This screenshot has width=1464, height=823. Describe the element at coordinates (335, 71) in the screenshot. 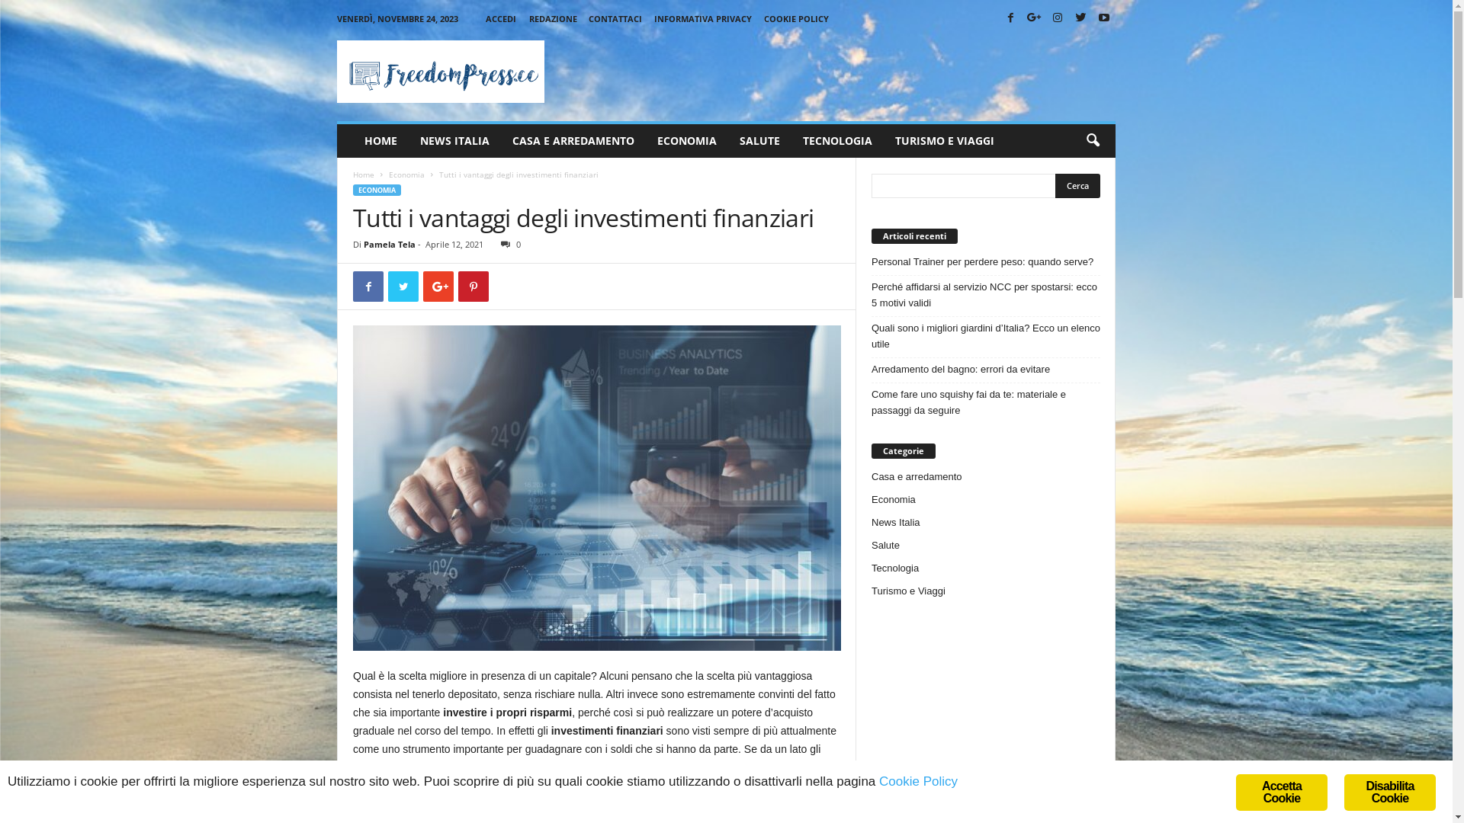

I see `'Freedom Press'` at that location.